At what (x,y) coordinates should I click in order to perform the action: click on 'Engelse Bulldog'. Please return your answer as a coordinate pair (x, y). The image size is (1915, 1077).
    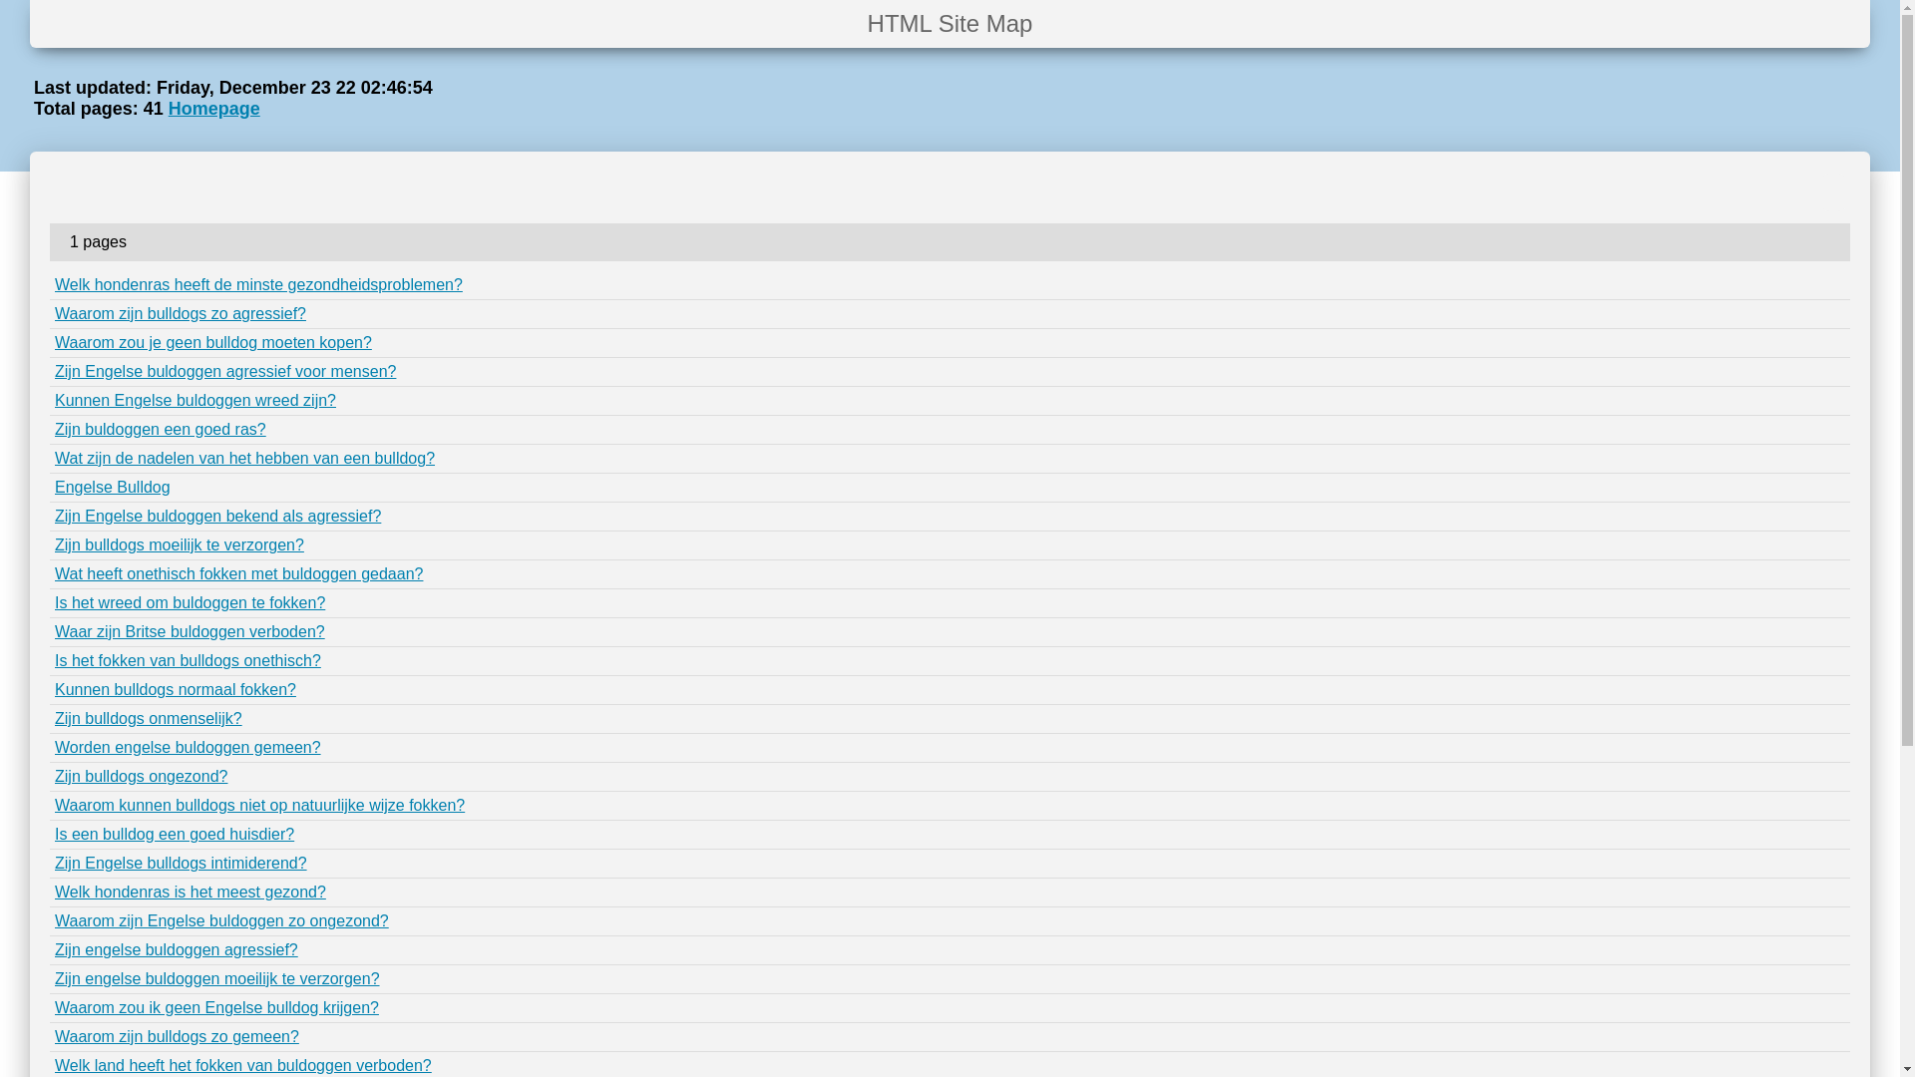
    Looking at the image, I should click on (112, 487).